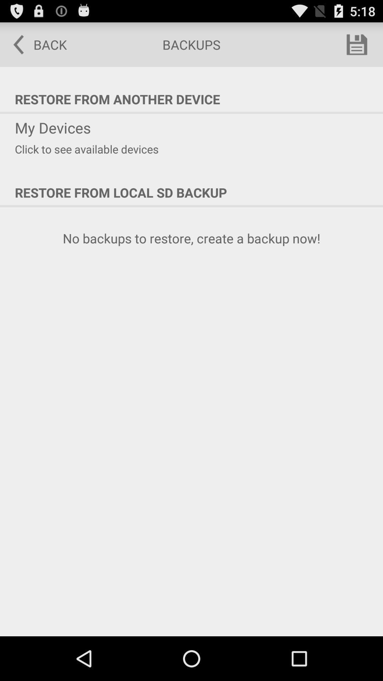 Image resolution: width=383 pixels, height=681 pixels. What do you see at coordinates (357, 44) in the screenshot?
I see `option` at bounding box center [357, 44].